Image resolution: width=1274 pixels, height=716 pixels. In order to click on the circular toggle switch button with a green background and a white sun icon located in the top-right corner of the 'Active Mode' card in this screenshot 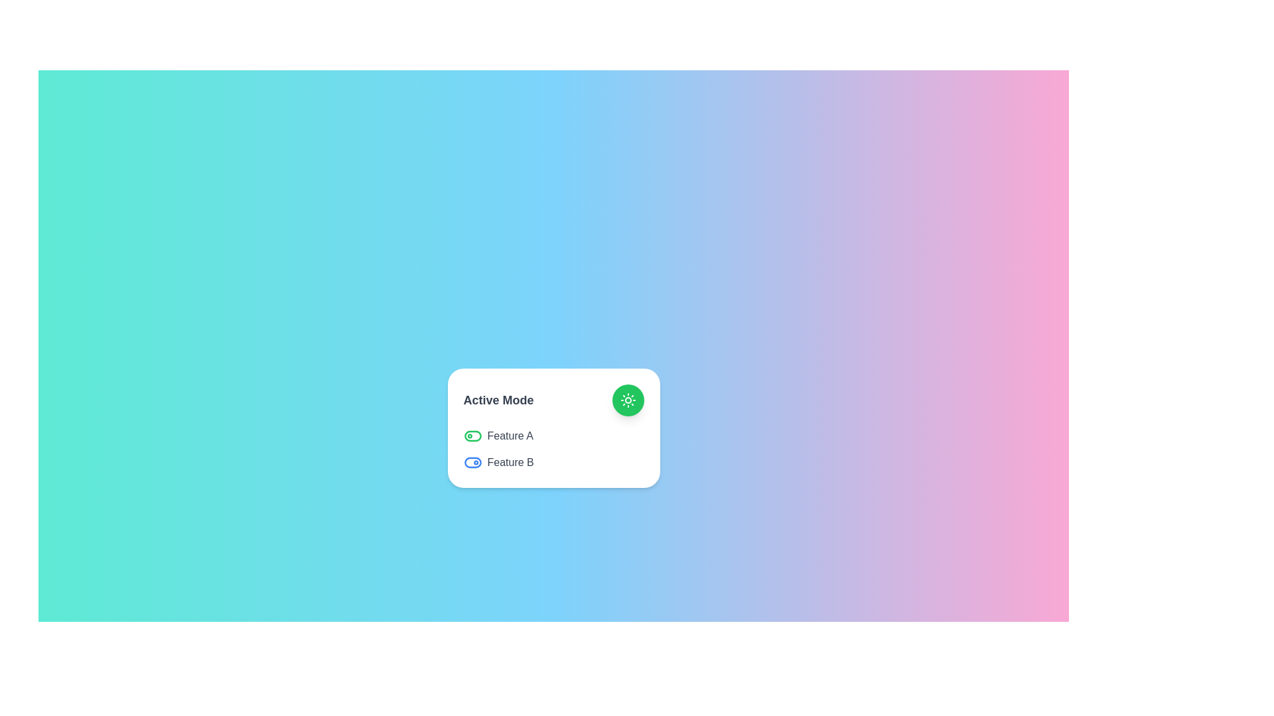, I will do `click(627, 400)`.